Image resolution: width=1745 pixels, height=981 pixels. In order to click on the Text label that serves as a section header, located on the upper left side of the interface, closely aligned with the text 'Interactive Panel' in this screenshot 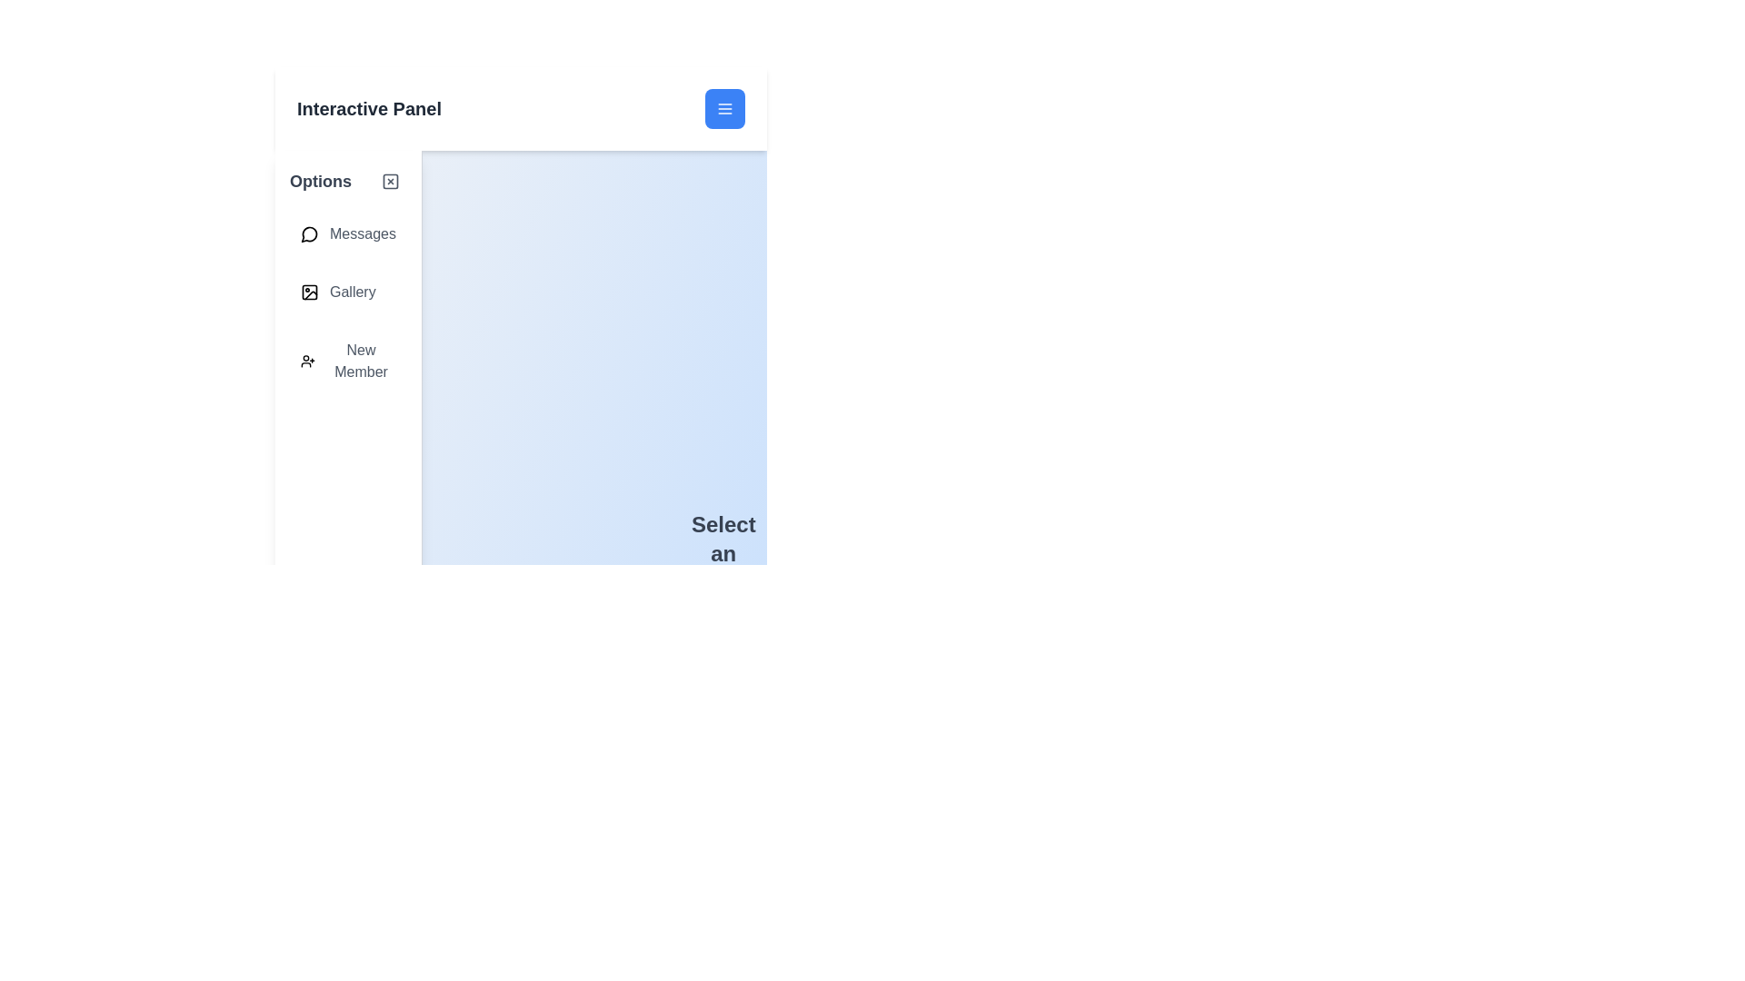, I will do `click(321, 182)`.